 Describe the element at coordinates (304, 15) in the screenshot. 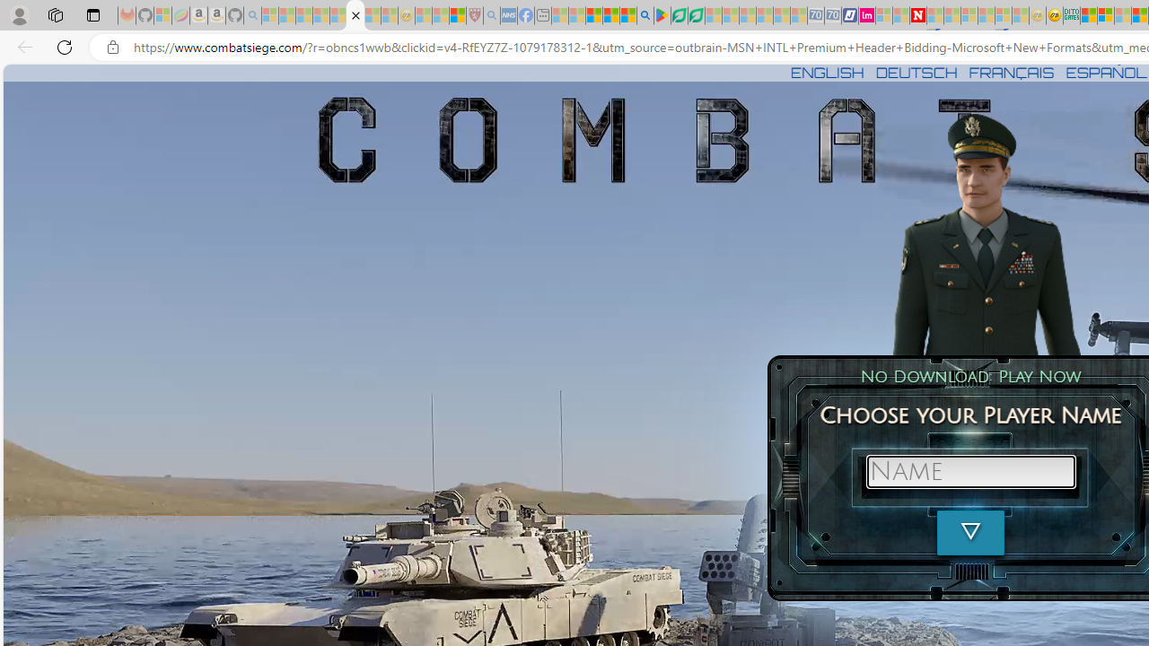

I see `'The Weather Channel - MSN - Sleeping'` at that location.